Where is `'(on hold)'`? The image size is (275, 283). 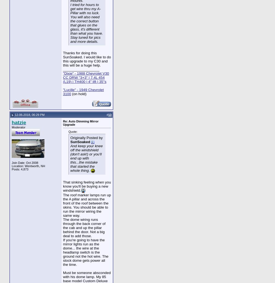 '(on hold)' is located at coordinates (78, 94).